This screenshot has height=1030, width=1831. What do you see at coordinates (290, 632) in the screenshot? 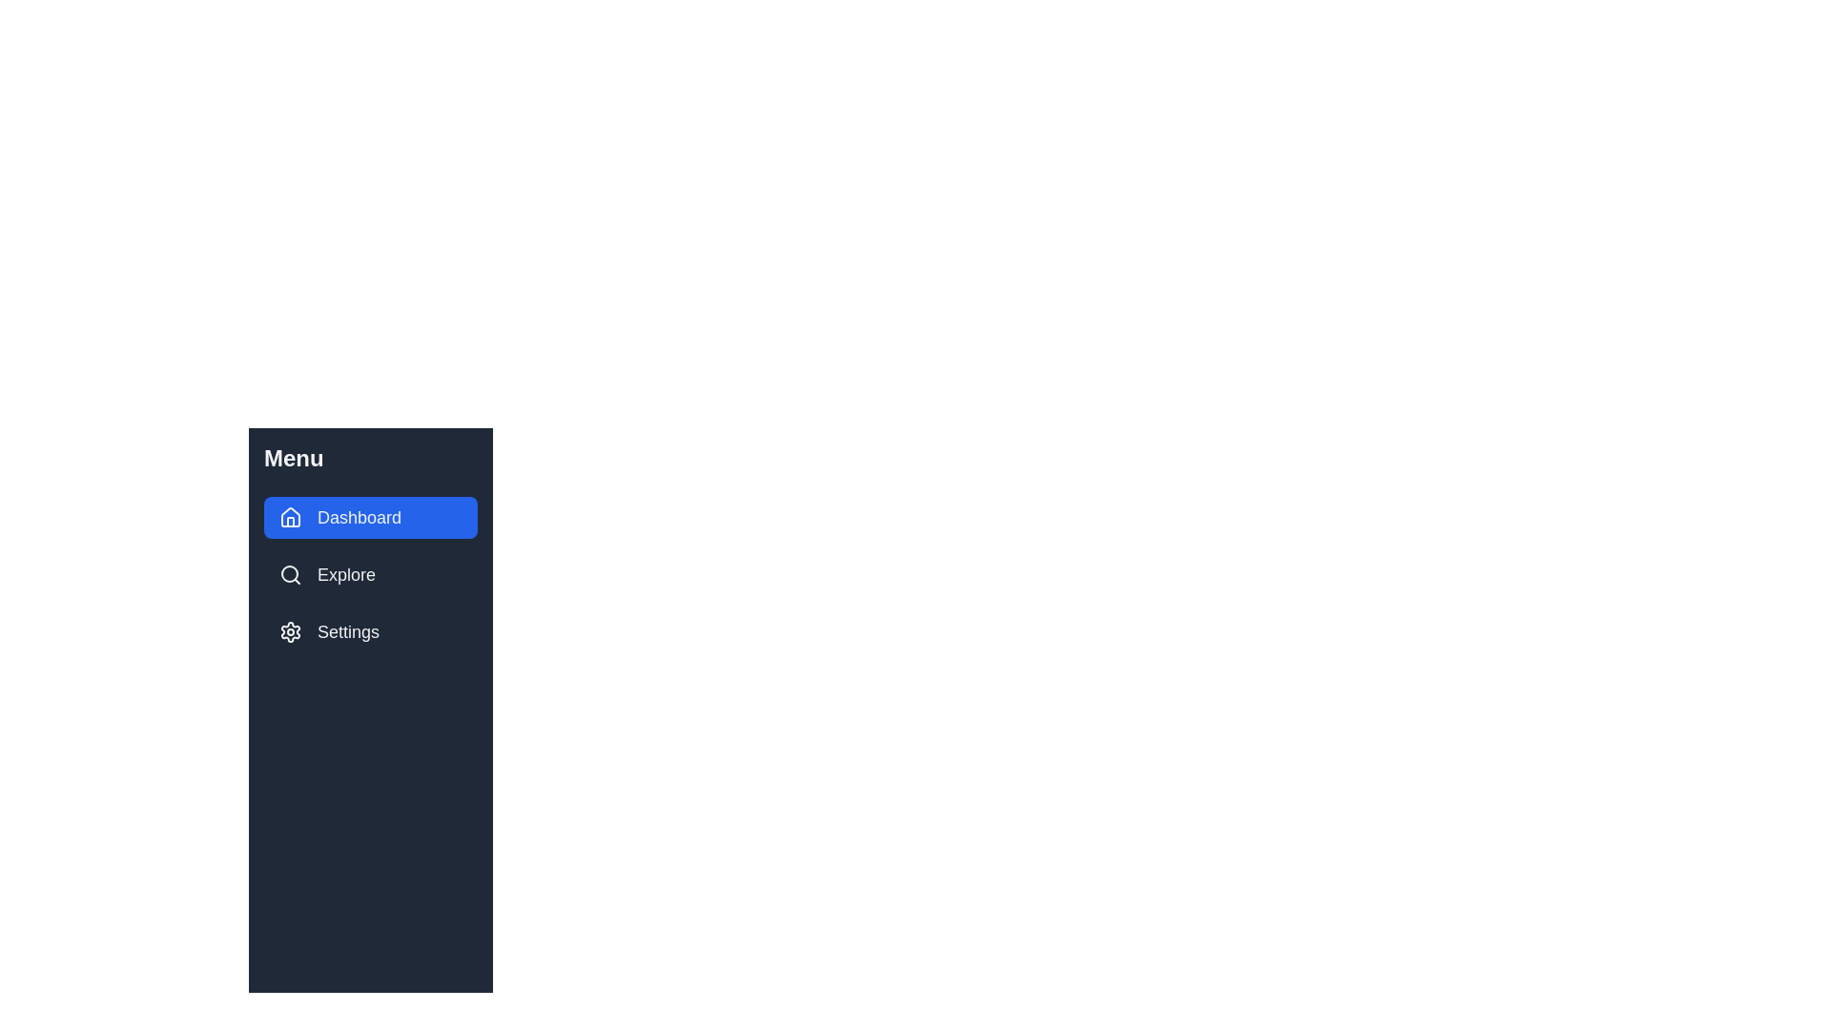
I see `the gear icon located in the third row under the 'Settings' text label` at bounding box center [290, 632].